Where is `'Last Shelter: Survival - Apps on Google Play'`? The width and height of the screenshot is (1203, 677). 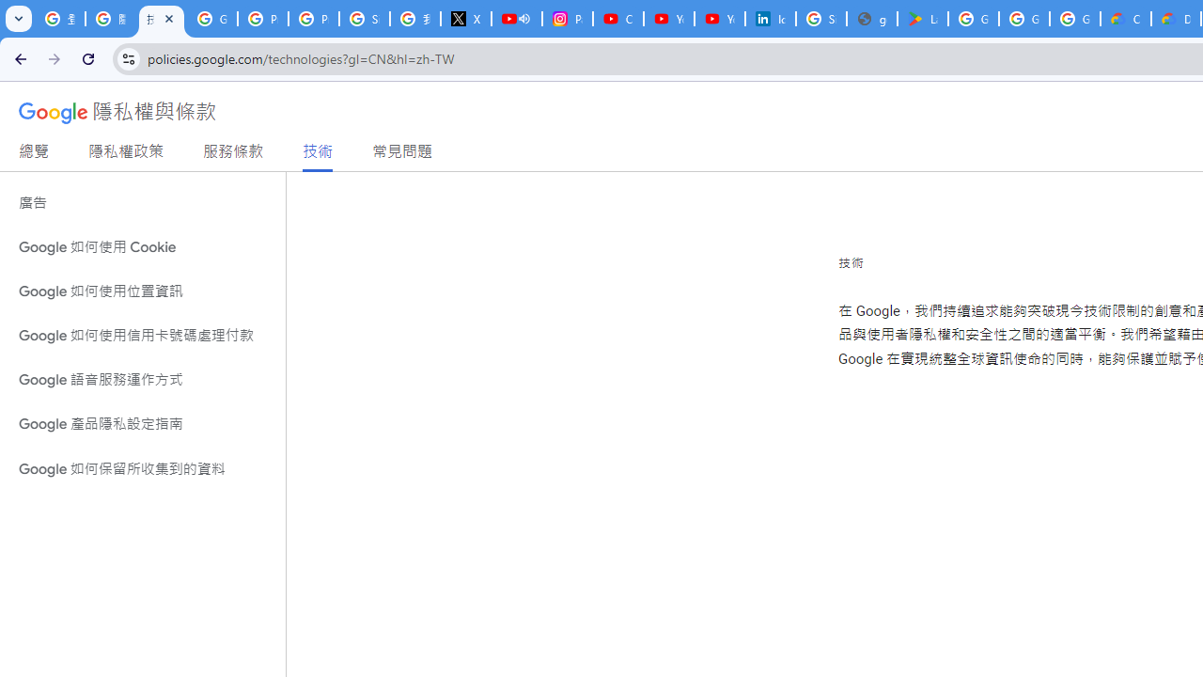
'Last Shelter: Survival - Apps on Google Play' is located at coordinates (922, 19).